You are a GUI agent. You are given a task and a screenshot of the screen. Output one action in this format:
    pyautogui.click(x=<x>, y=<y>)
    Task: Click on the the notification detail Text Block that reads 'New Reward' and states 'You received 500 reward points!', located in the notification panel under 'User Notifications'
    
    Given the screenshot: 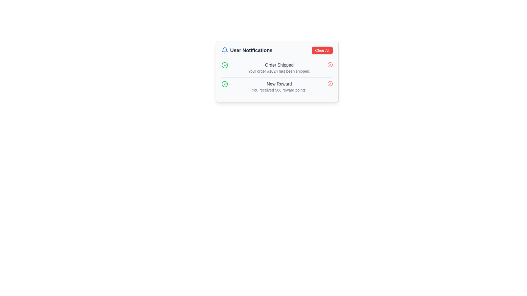 What is the action you would take?
    pyautogui.click(x=279, y=86)
    